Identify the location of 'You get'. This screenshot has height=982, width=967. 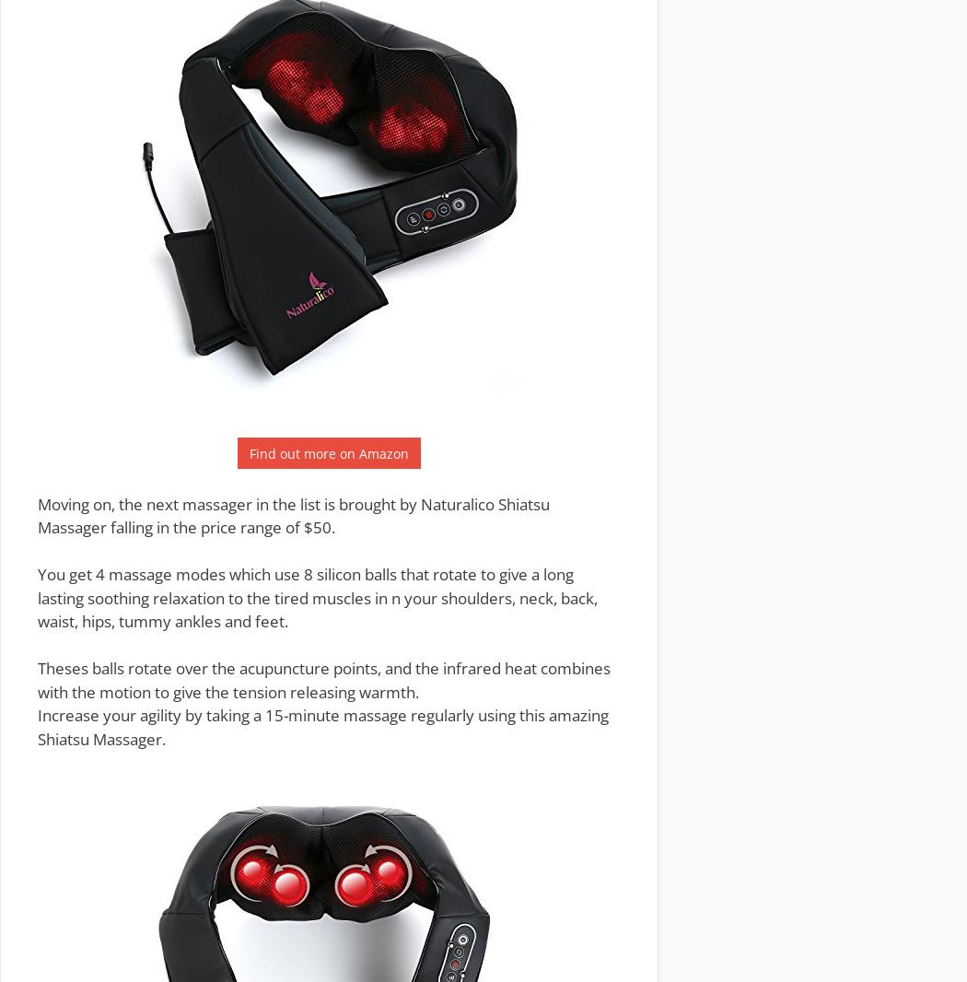
(36, 573).